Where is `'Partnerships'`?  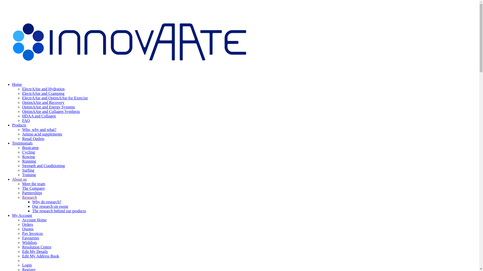
'Partnerships' is located at coordinates (32, 192).